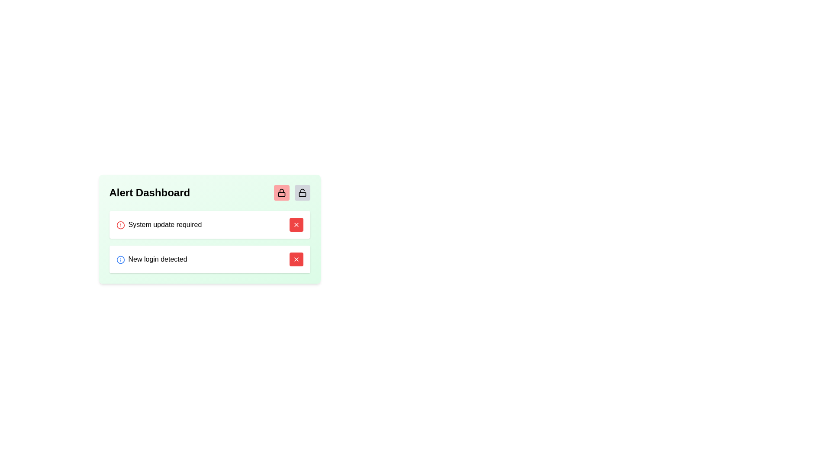  What do you see at coordinates (120, 224) in the screenshot?
I see `the red circular alert icon next to the text label 'System update required' in the 'Alert Dashboard'` at bounding box center [120, 224].